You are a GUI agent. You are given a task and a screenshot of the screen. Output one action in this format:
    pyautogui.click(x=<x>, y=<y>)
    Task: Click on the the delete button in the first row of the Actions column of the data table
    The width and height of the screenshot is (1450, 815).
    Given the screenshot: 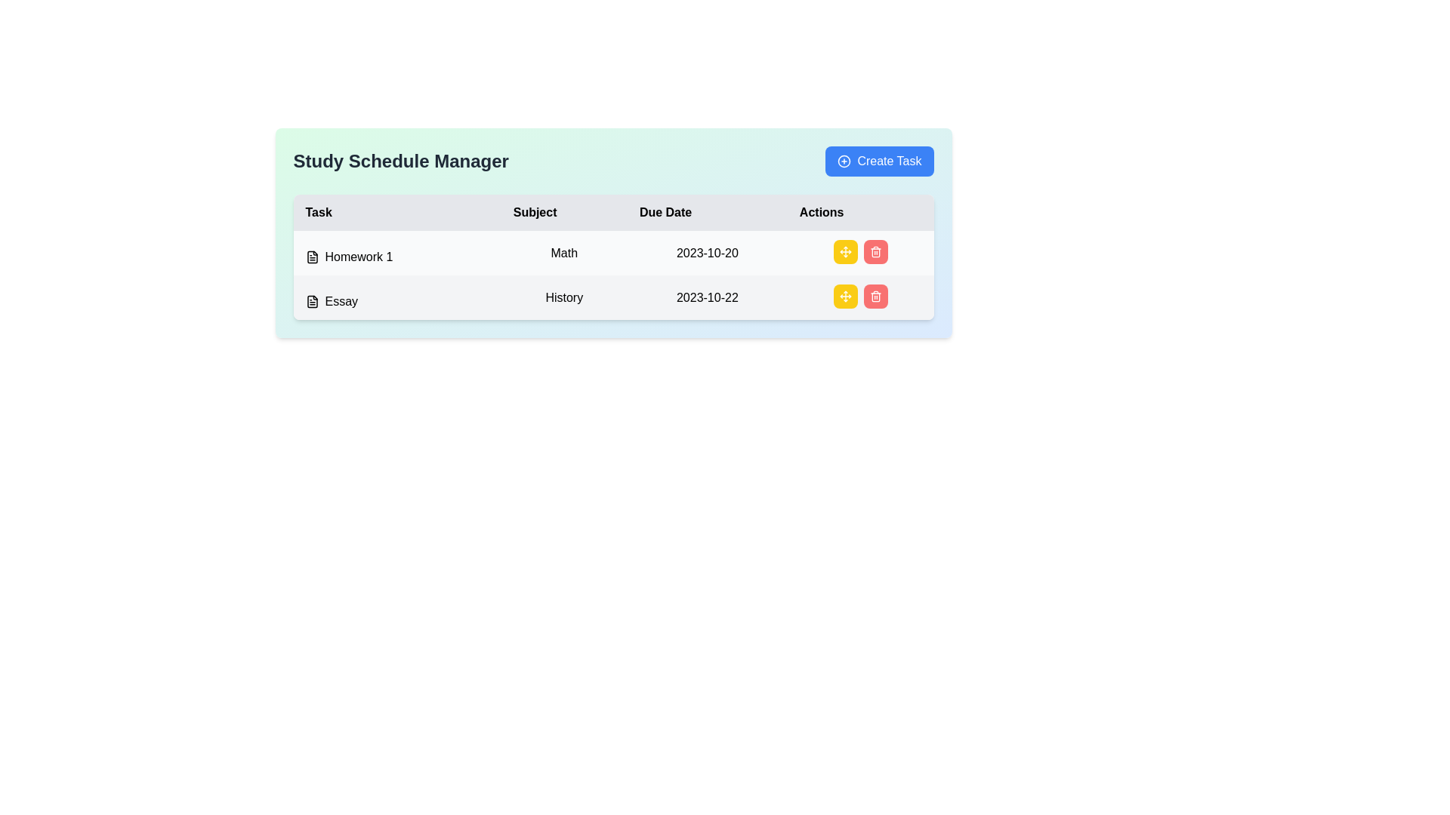 What is the action you would take?
    pyautogui.click(x=875, y=251)
    